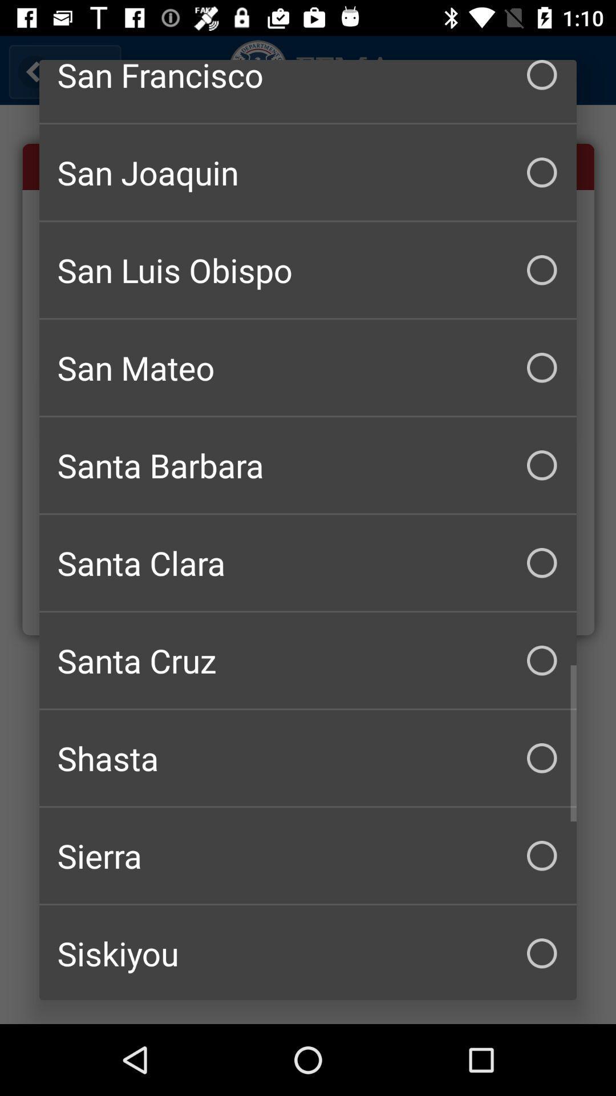  I want to click on san luis obispo item, so click(308, 269).